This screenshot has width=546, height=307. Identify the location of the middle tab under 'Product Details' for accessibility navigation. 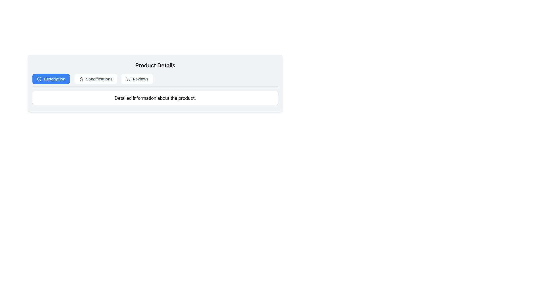
(96, 79).